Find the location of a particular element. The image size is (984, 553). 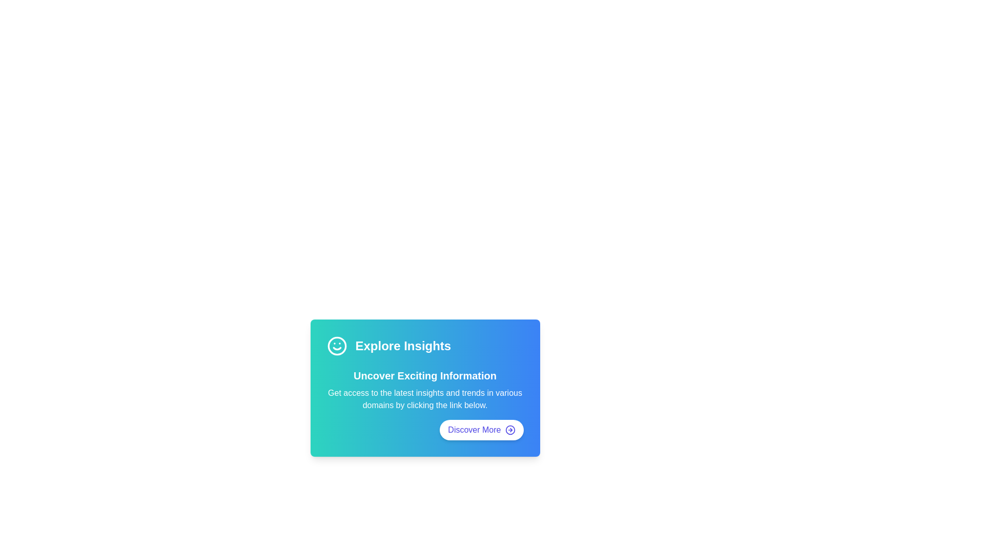

the 'Discover More' button, which has a white background, rounded corners, and a blue font, to visualize its interactive effects is located at coordinates (481, 430).